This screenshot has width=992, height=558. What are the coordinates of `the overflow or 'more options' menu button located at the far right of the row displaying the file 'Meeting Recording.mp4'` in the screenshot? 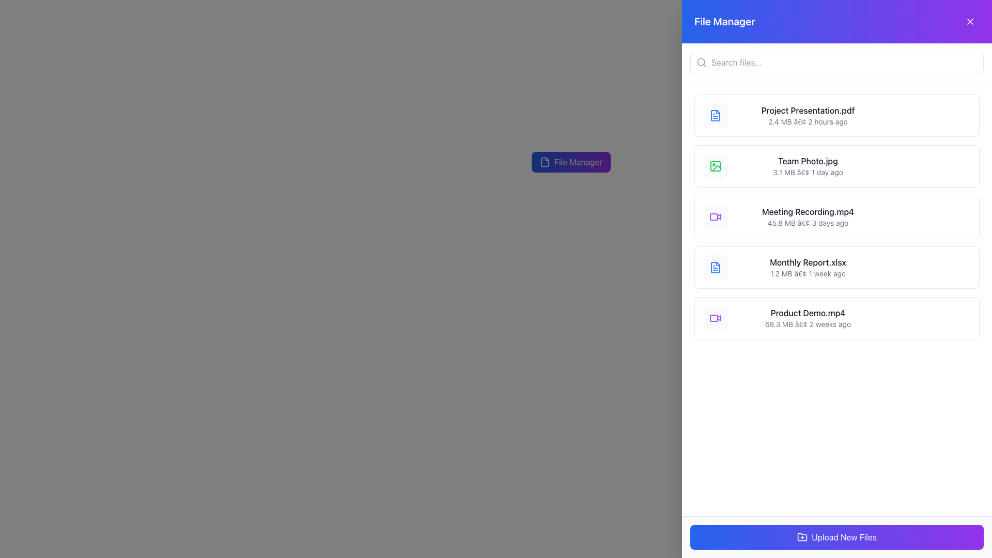 It's located at (929, 216).